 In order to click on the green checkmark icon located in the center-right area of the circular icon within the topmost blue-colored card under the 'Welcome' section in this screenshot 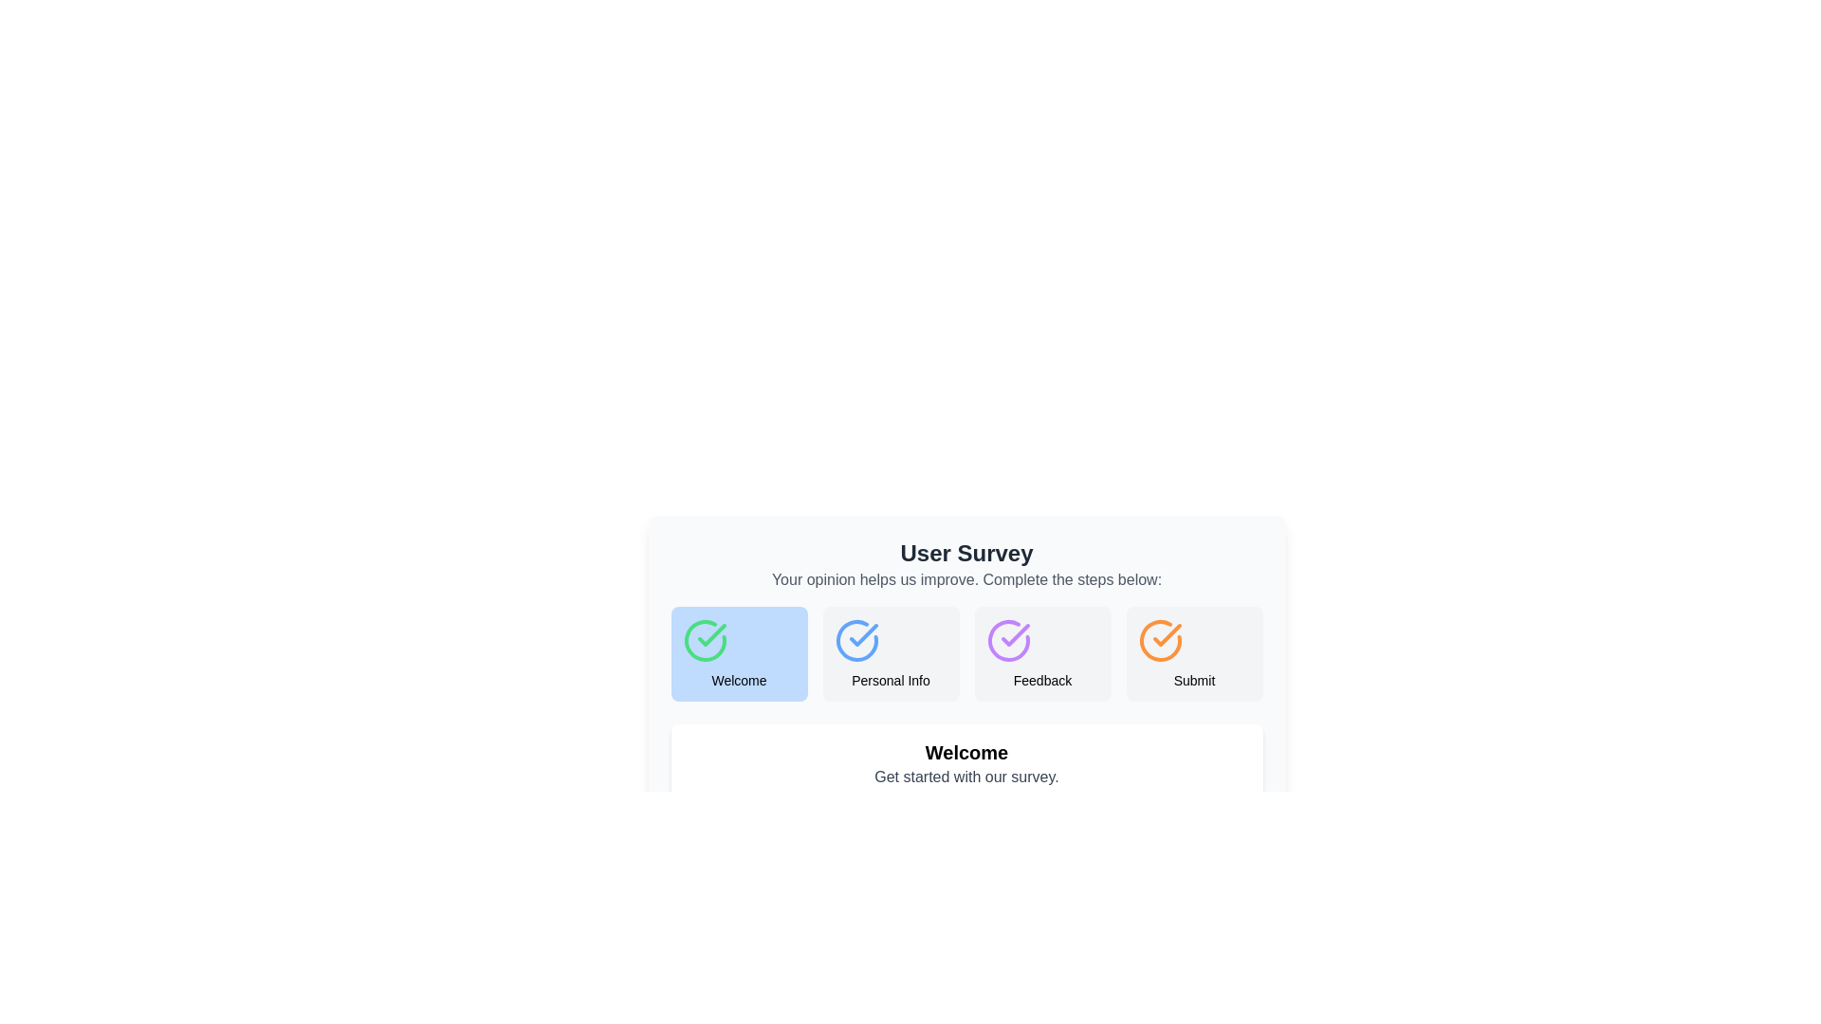, I will do `click(710, 635)`.